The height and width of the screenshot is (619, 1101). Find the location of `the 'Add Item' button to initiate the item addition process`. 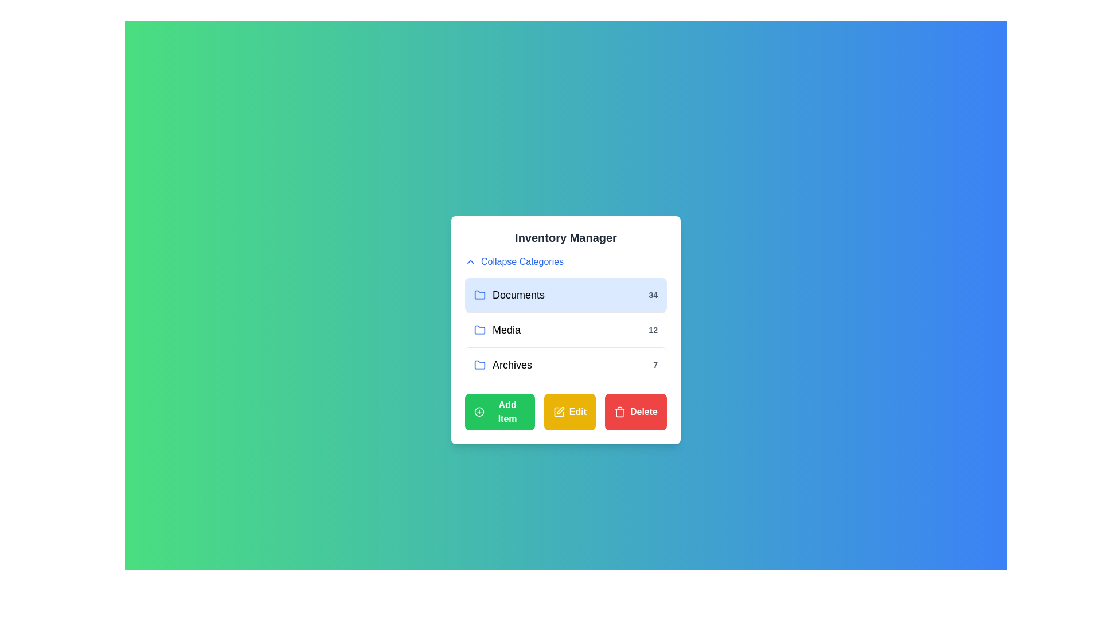

the 'Add Item' button to initiate the item addition process is located at coordinates (499, 411).